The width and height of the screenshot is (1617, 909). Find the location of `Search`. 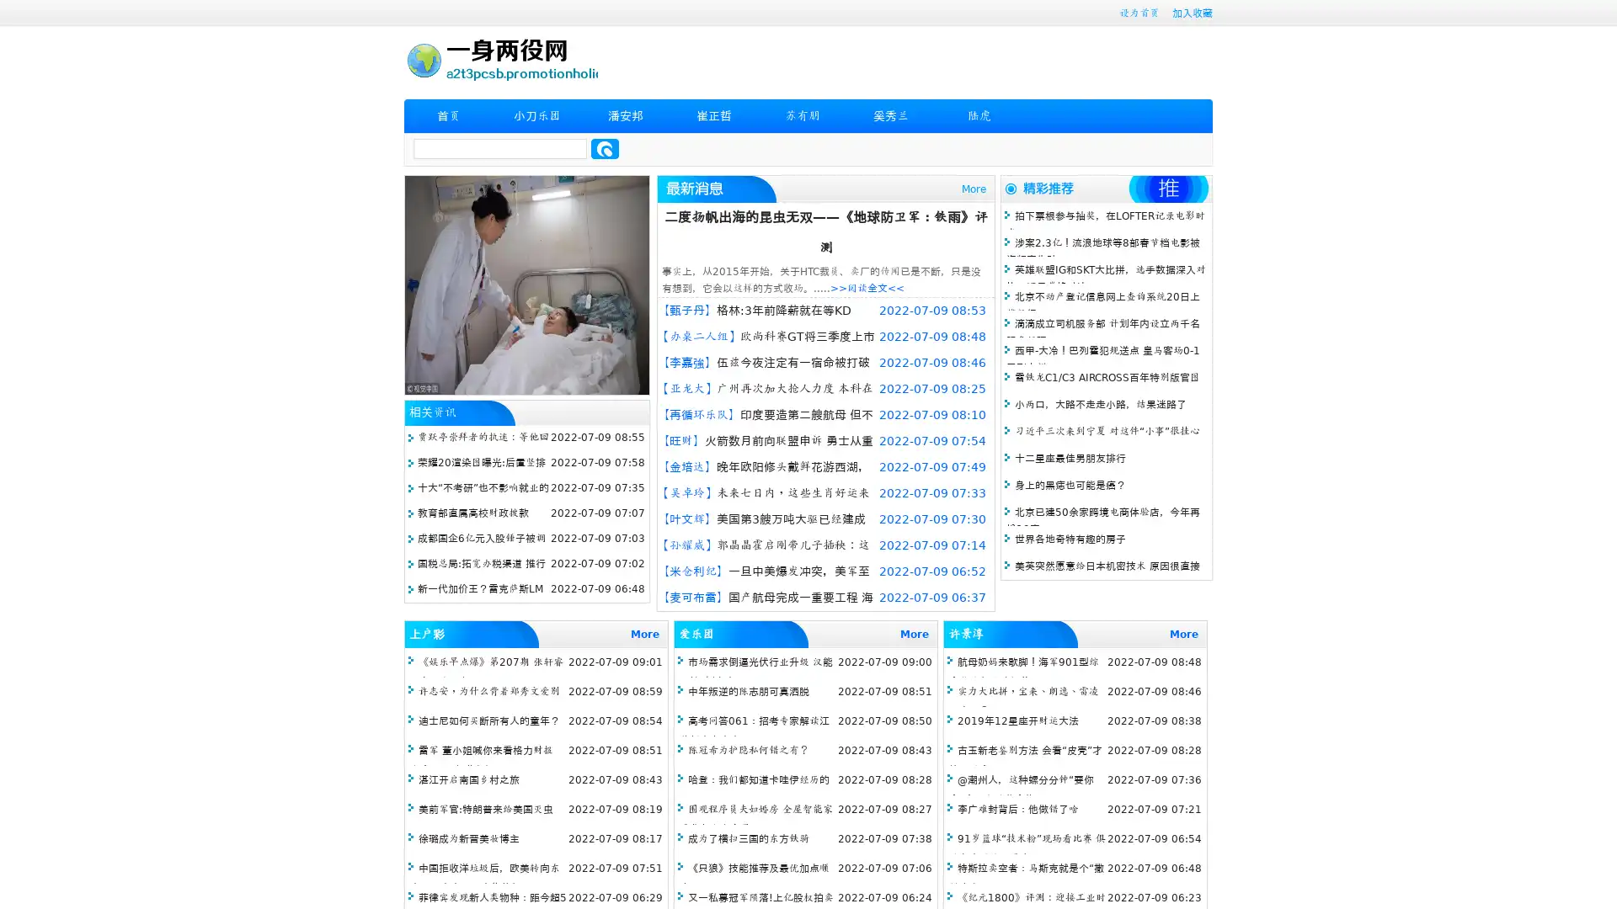

Search is located at coordinates (605, 148).